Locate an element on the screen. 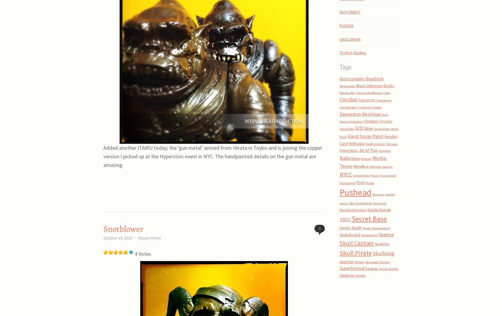 The image size is (502, 316). 'Conspiracy' is located at coordinates (348, 107).